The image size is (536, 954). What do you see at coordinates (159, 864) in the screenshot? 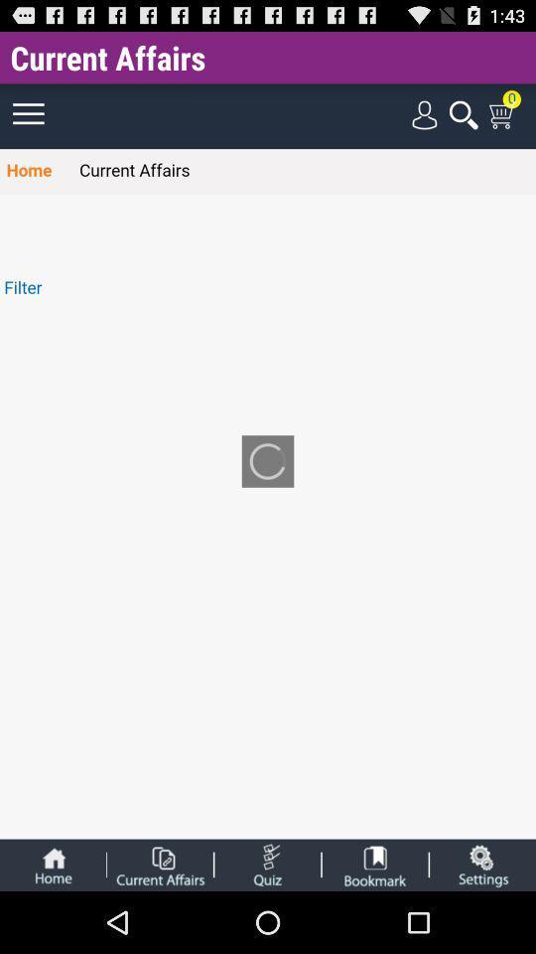
I see `complete option` at bounding box center [159, 864].